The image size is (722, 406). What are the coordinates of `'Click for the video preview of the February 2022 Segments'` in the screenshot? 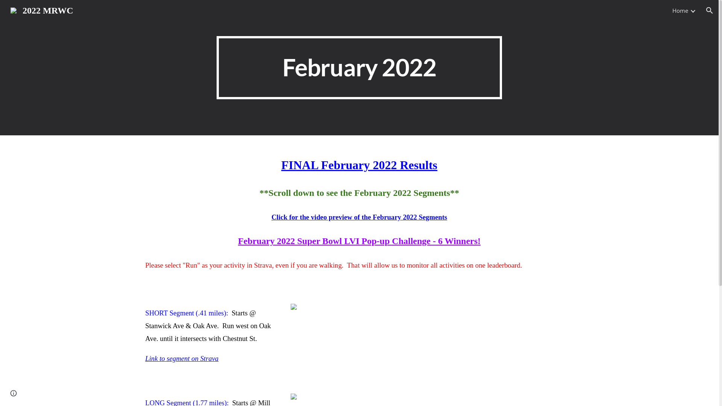 It's located at (359, 217).